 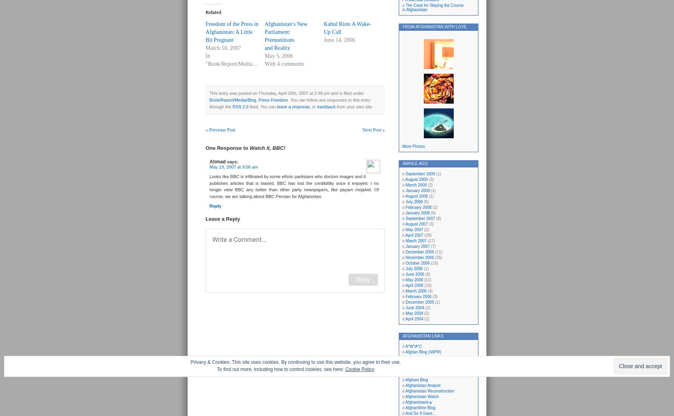 I want to click on ',', so click(x=257, y=100).